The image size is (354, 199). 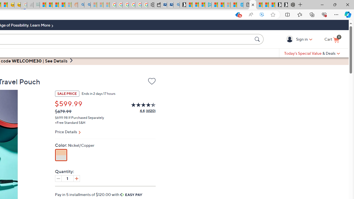 What do you see at coordinates (86, 117) in the screenshot?
I see `'If Purchased Separately'` at bounding box center [86, 117].